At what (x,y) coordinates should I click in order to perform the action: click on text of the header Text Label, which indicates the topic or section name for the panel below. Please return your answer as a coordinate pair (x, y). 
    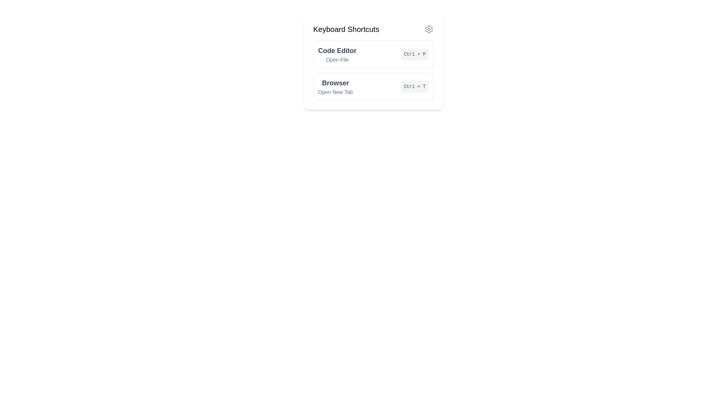
    Looking at the image, I should click on (346, 29).